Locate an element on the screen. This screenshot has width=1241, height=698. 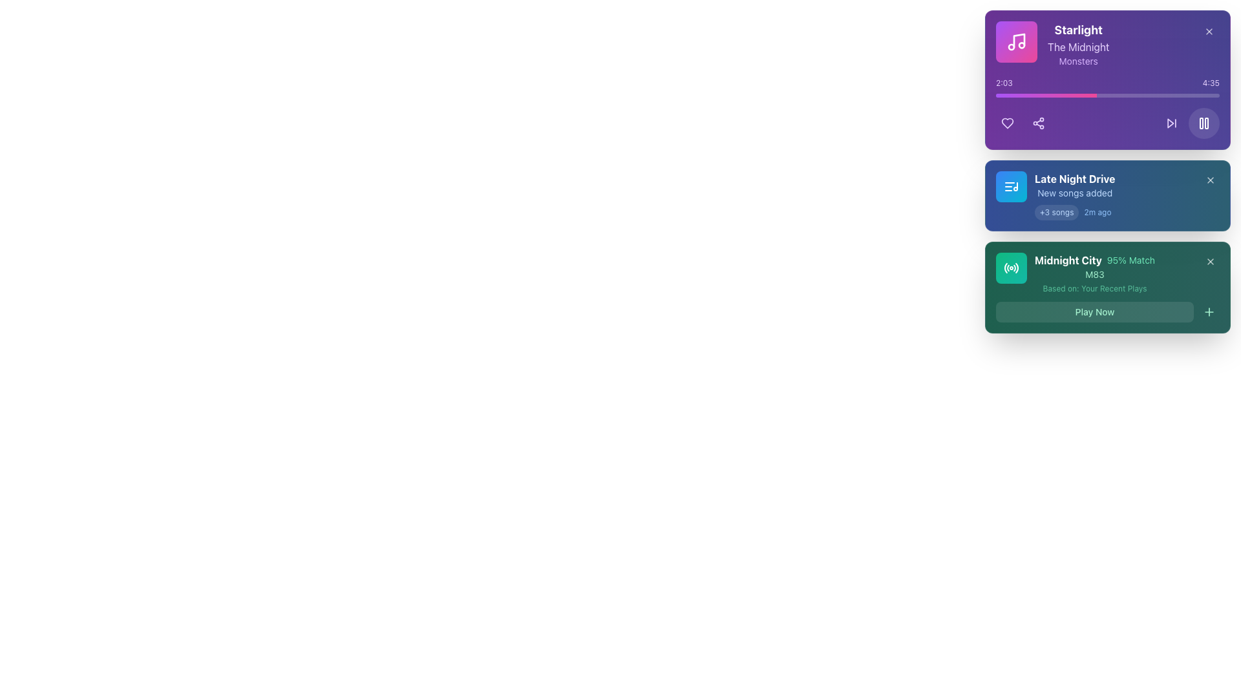
the static text label displaying '95% Match' in emerald green color, located next to the 'Midnight City' song card header is located at coordinates (1130, 260).